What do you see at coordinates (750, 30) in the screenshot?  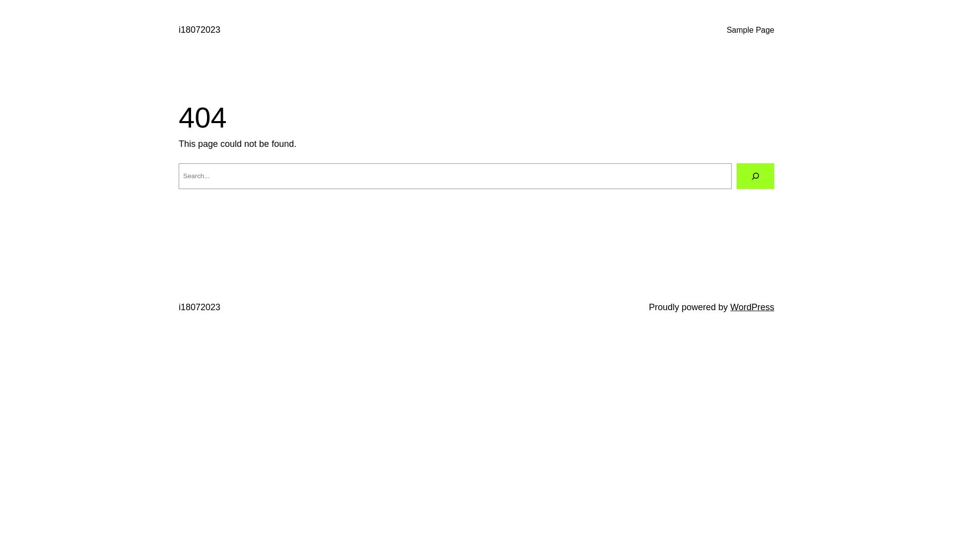 I see `'Sample Page'` at bounding box center [750, 30].